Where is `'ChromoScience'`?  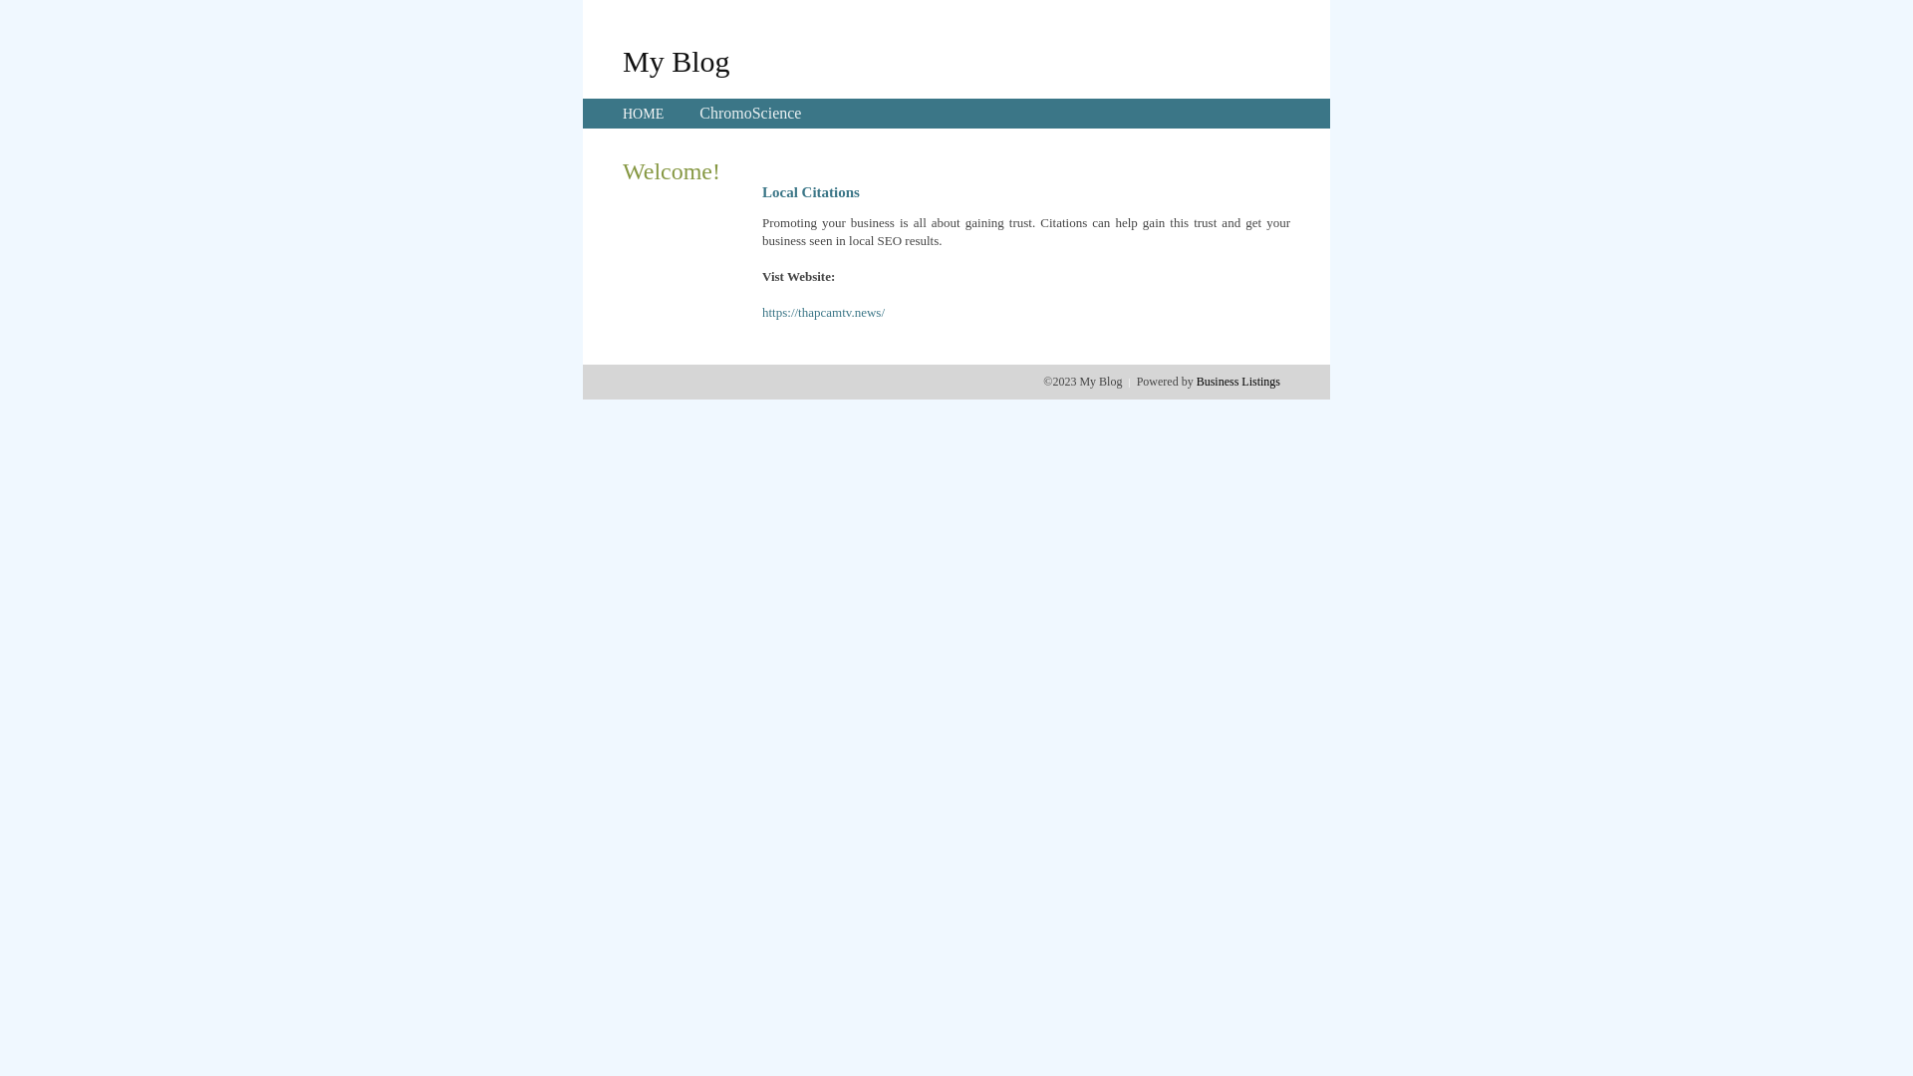
'ChromoScience' is located at coordinates (749, 113).